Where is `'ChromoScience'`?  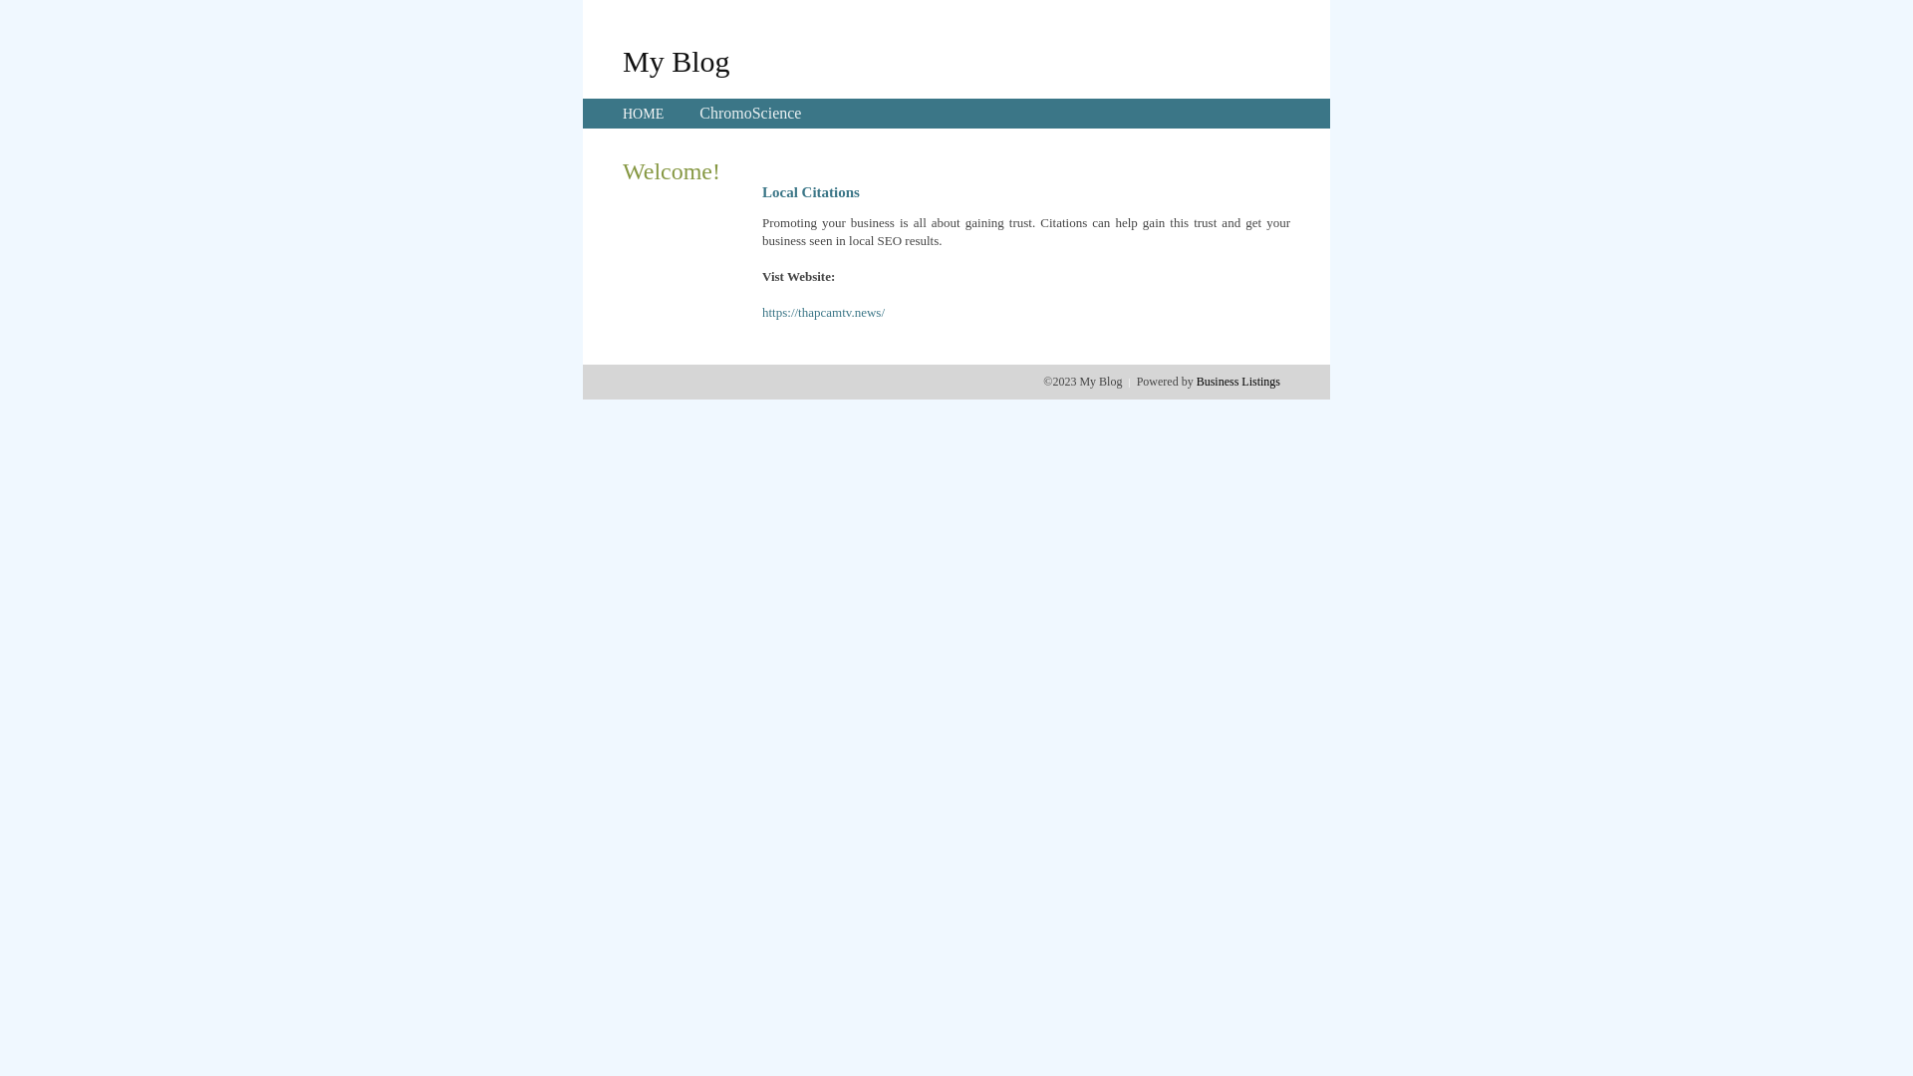
'ChromoScience' is located at coordinates (749, 113).